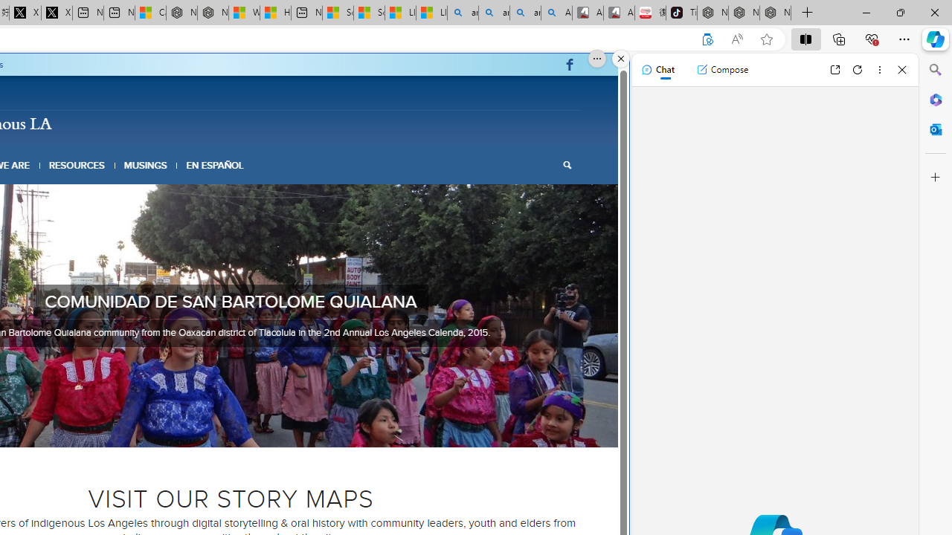  Describe the element at coordinates (722, 69) in the screenshot. I see `'Compose'` at that location.